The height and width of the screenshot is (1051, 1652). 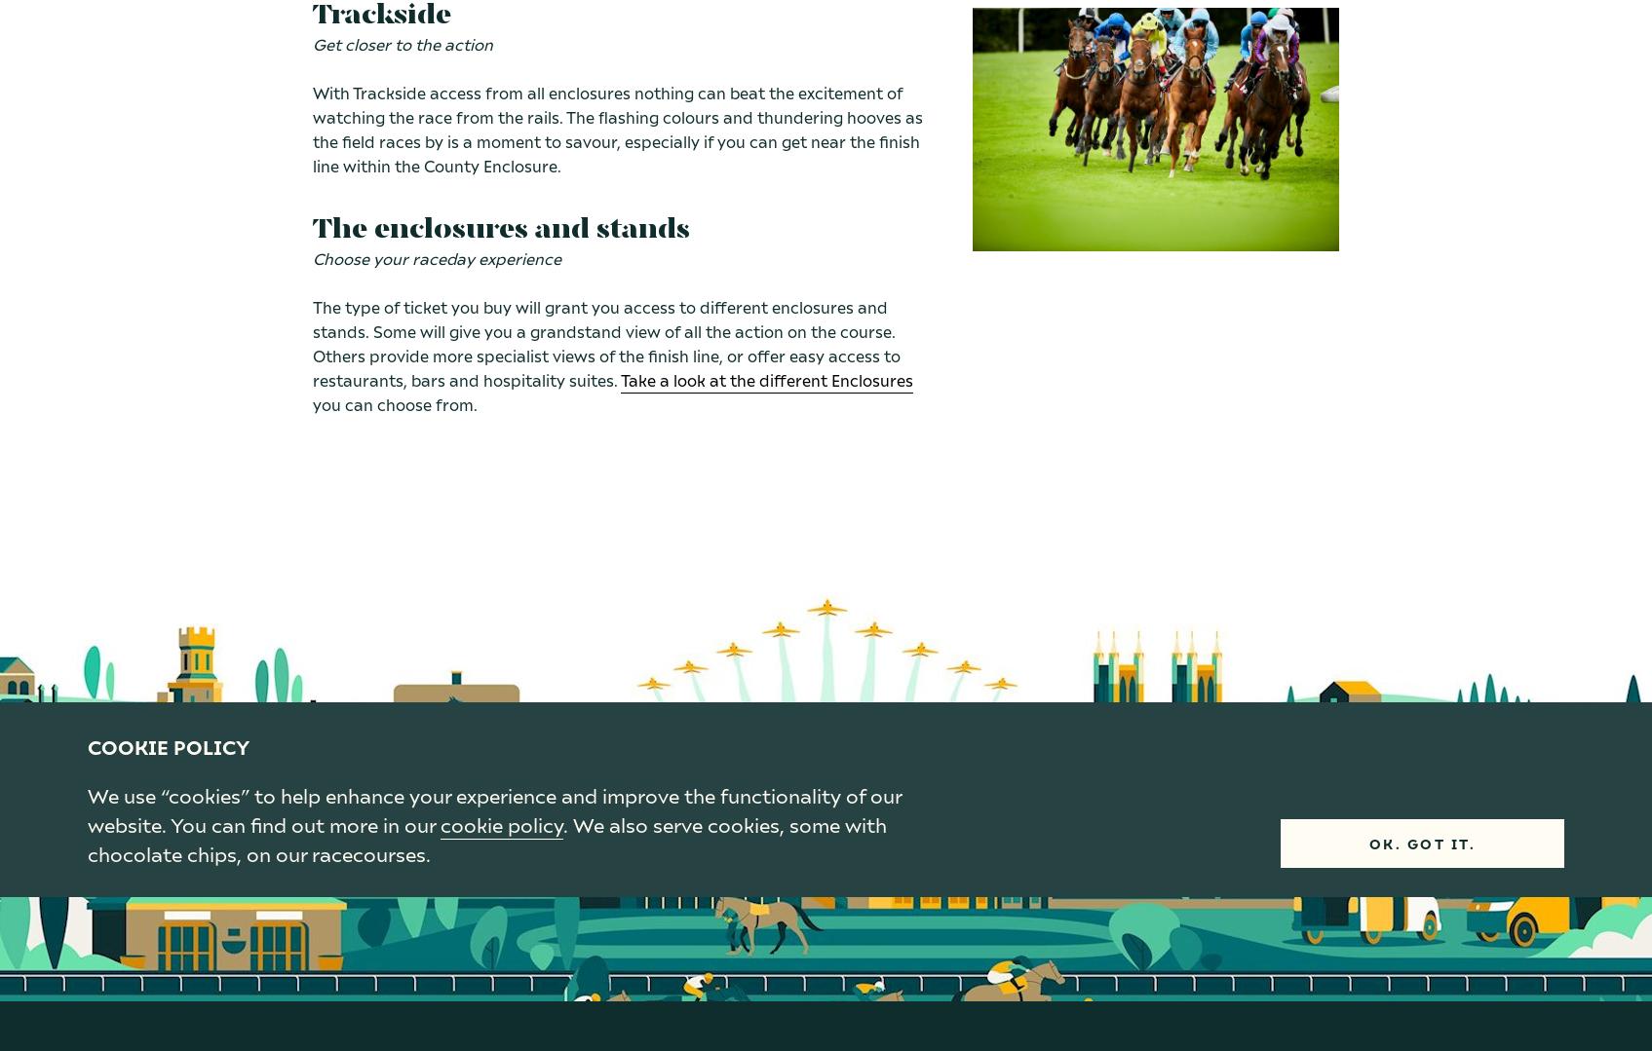 I want to click on 'Get closer to the action', so click(x=402, y=42).